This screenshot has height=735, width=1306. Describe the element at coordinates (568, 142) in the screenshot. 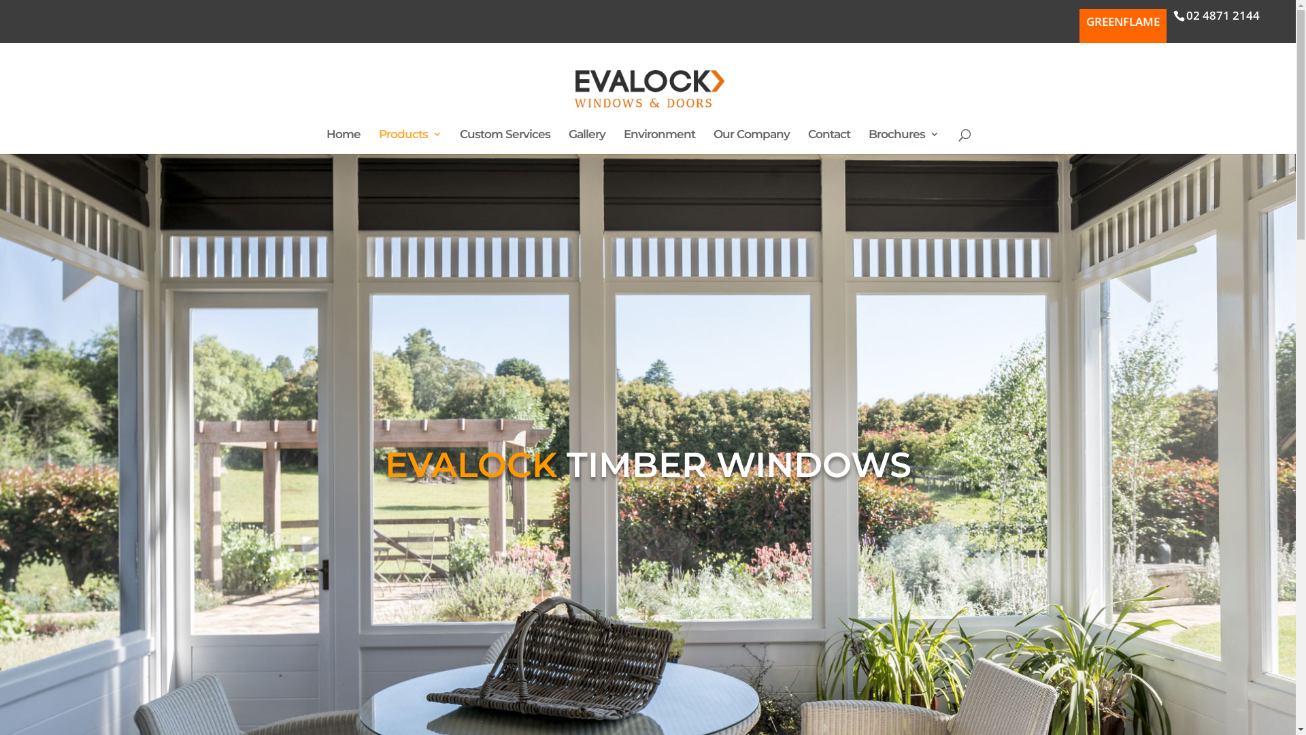

I see `'Gallery'` at that location.